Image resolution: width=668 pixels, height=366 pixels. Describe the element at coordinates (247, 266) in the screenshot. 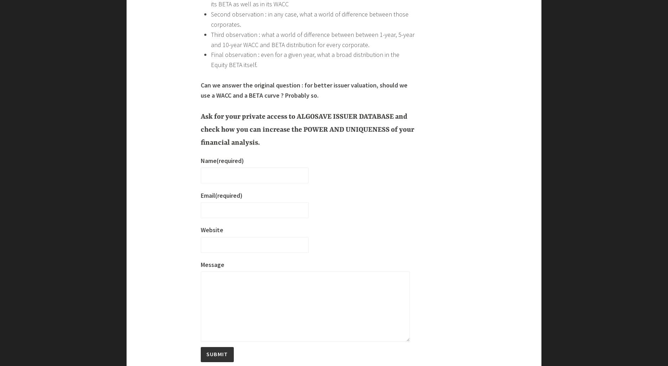

I see `'10-year distribution in green'` at that location.